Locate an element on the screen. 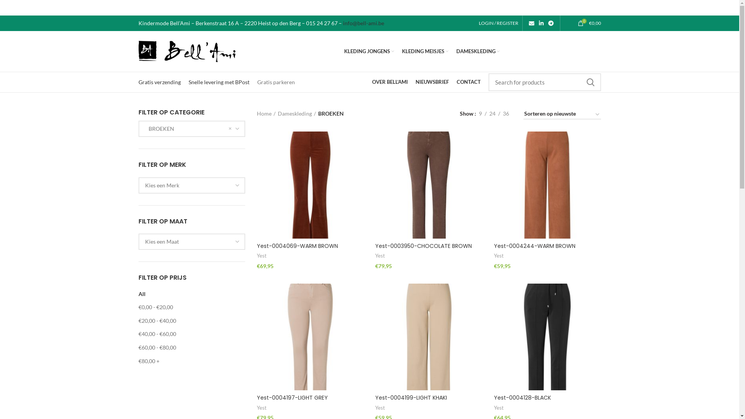  'Home' is located at coordinates (257, 114).